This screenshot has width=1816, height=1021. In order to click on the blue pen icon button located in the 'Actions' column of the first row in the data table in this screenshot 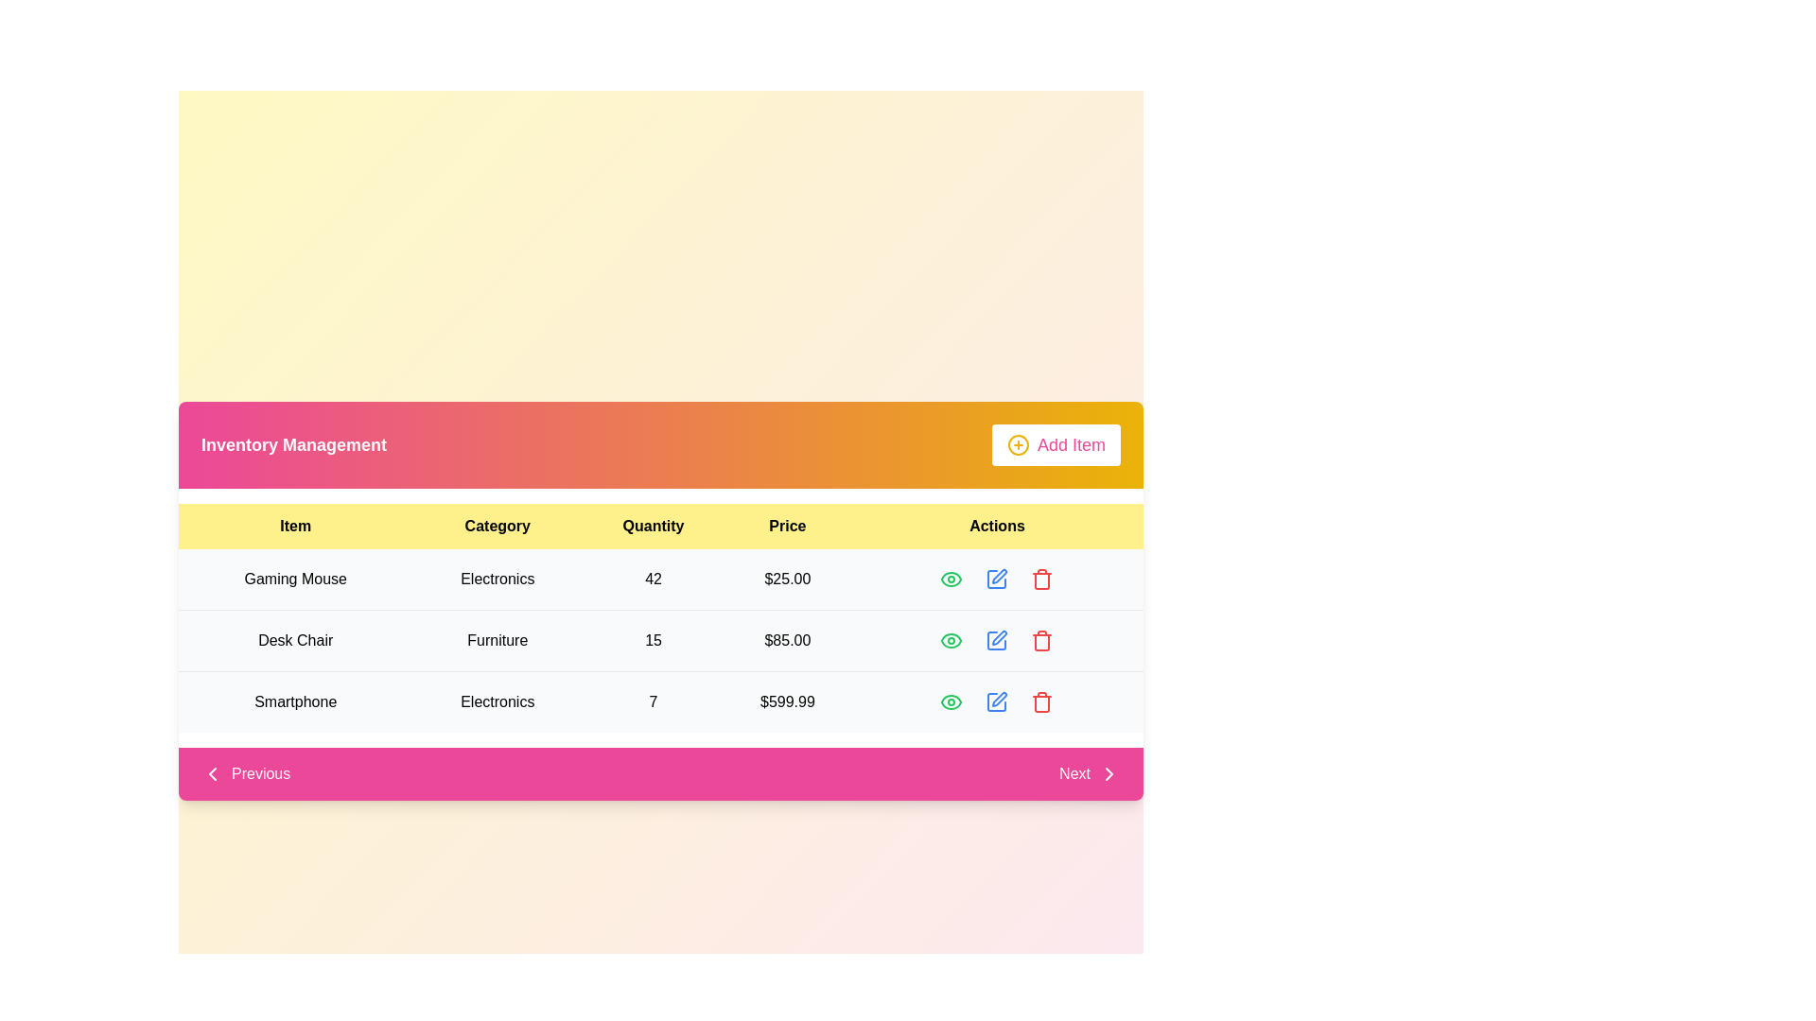, I will do `click(996, 579)`.